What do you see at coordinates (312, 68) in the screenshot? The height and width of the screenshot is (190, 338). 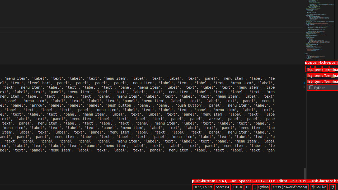 I see `'Launch Profile...'` at bounding box center [312, 68].